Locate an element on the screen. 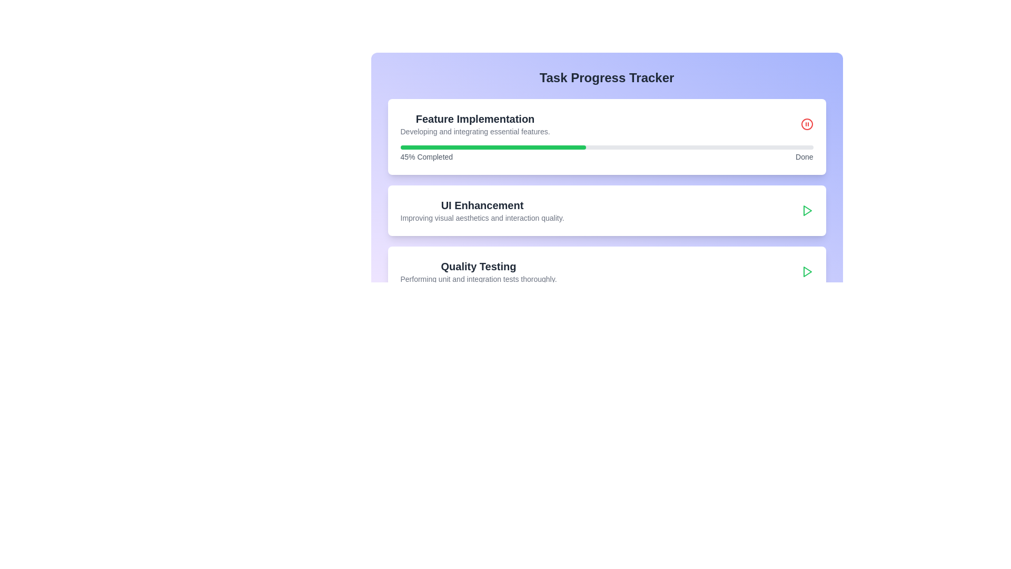 The width and height of the screenshot is (1011, 569). the non-interactive progress bar that visually represents the completion percentage within the 'Feature Implementation' card, located above the text indicators '45% Completed' and 'Done' is located at coordinates (607, 148).